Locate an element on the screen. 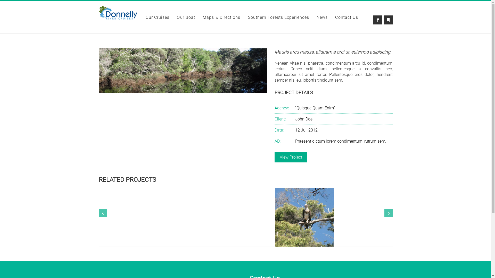  'Southern Forests Experiences' is located at coordinates (278, 18).